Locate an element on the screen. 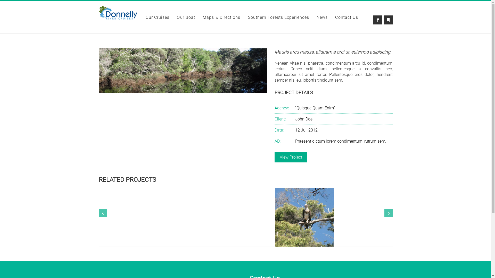  'Southern Forests Experiences' is located at coordinates (278, 18).